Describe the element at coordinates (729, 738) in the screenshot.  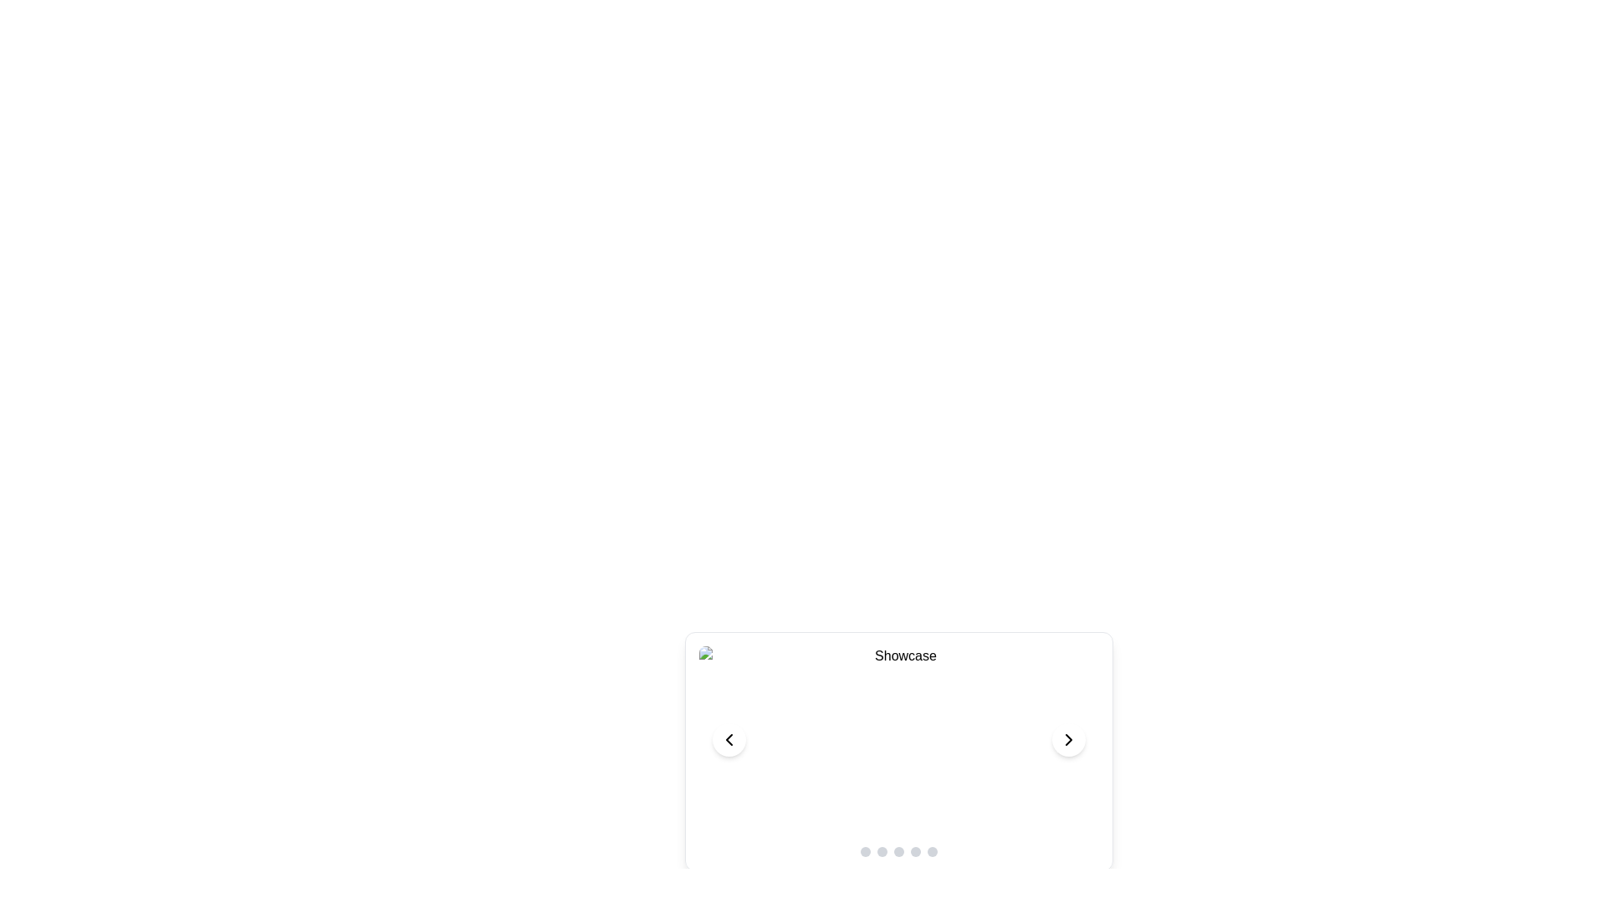
I see `the left navigation button of the carousel, which allows users to move to the previous item in the slideshow` at that location.